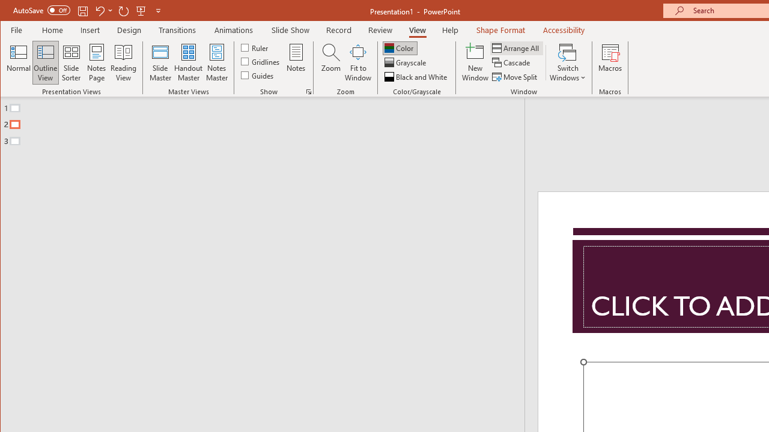 This screenshot has width=769, height=432. I want to click on 'Notes', so click(296, 62).